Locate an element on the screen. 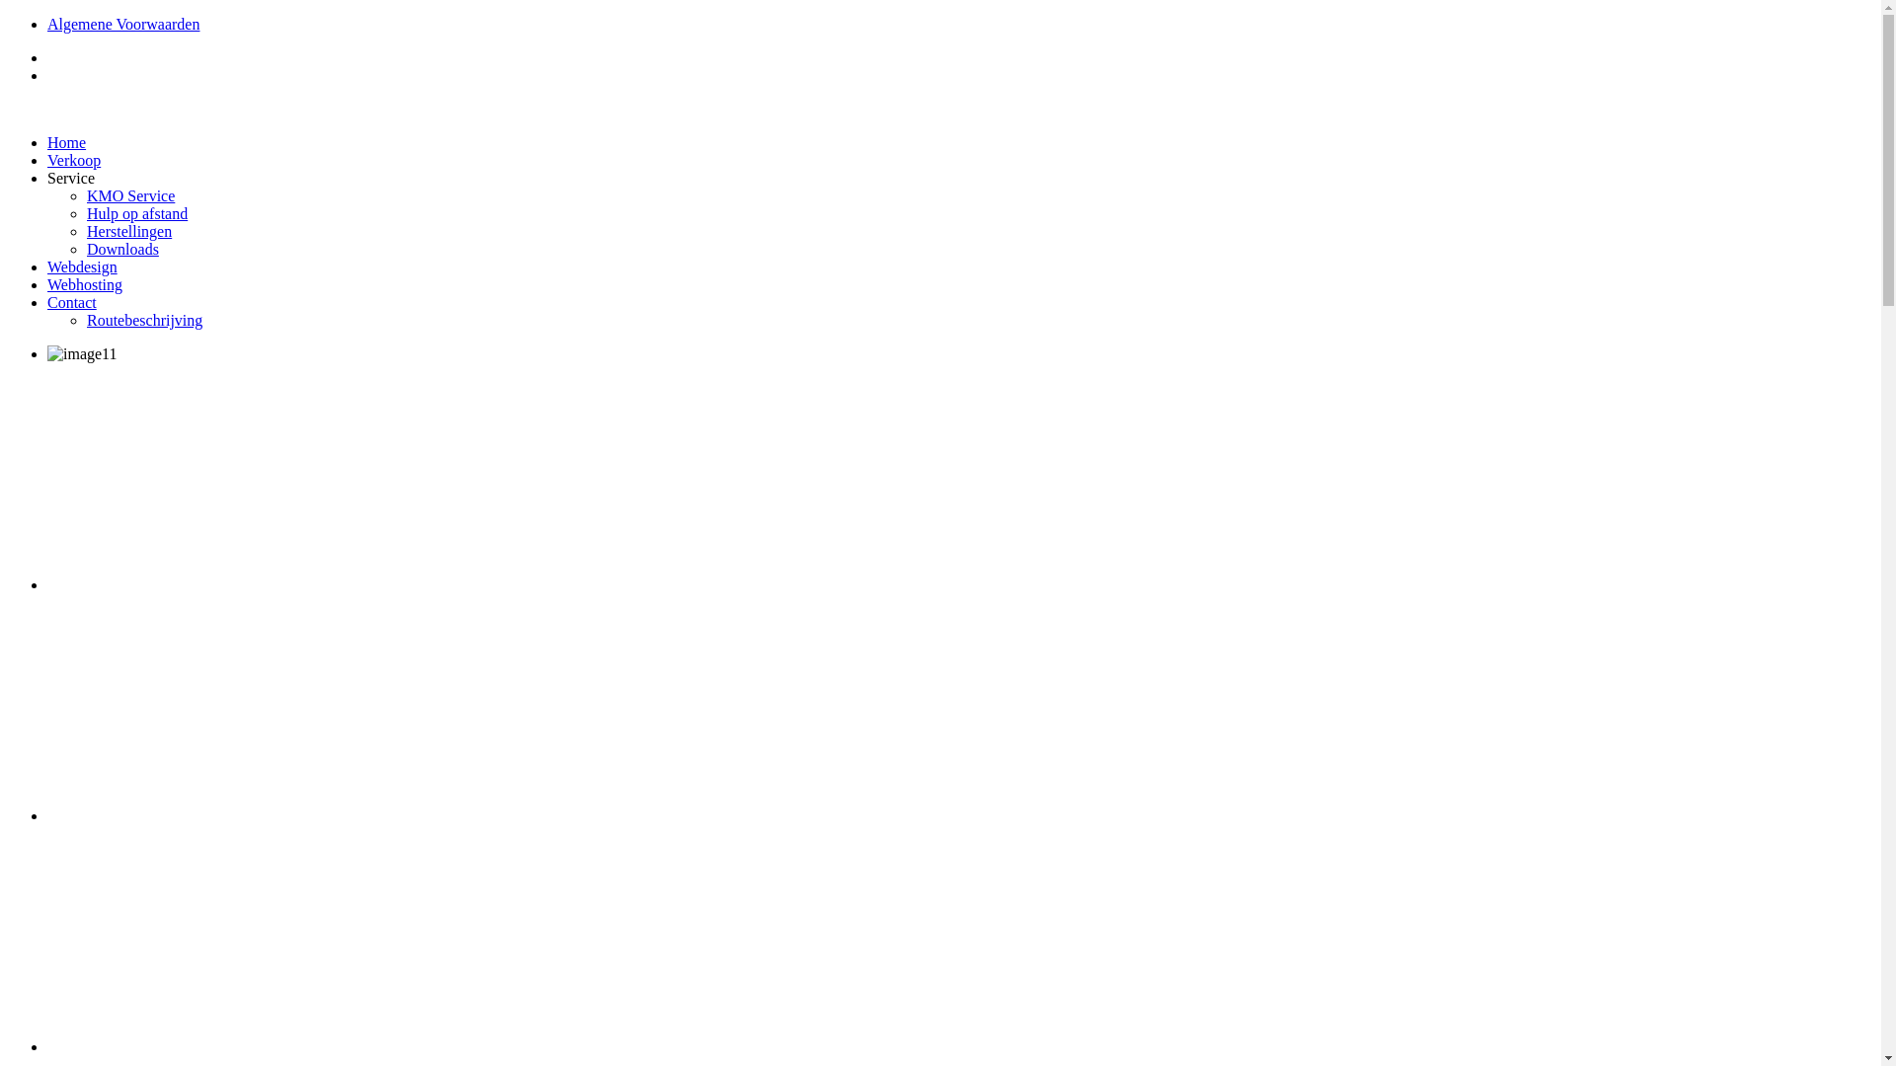 Image resolution: width=1896 pixels, height=1066 pixels. 'Herstellingen' is located at coordinates (85, 230).